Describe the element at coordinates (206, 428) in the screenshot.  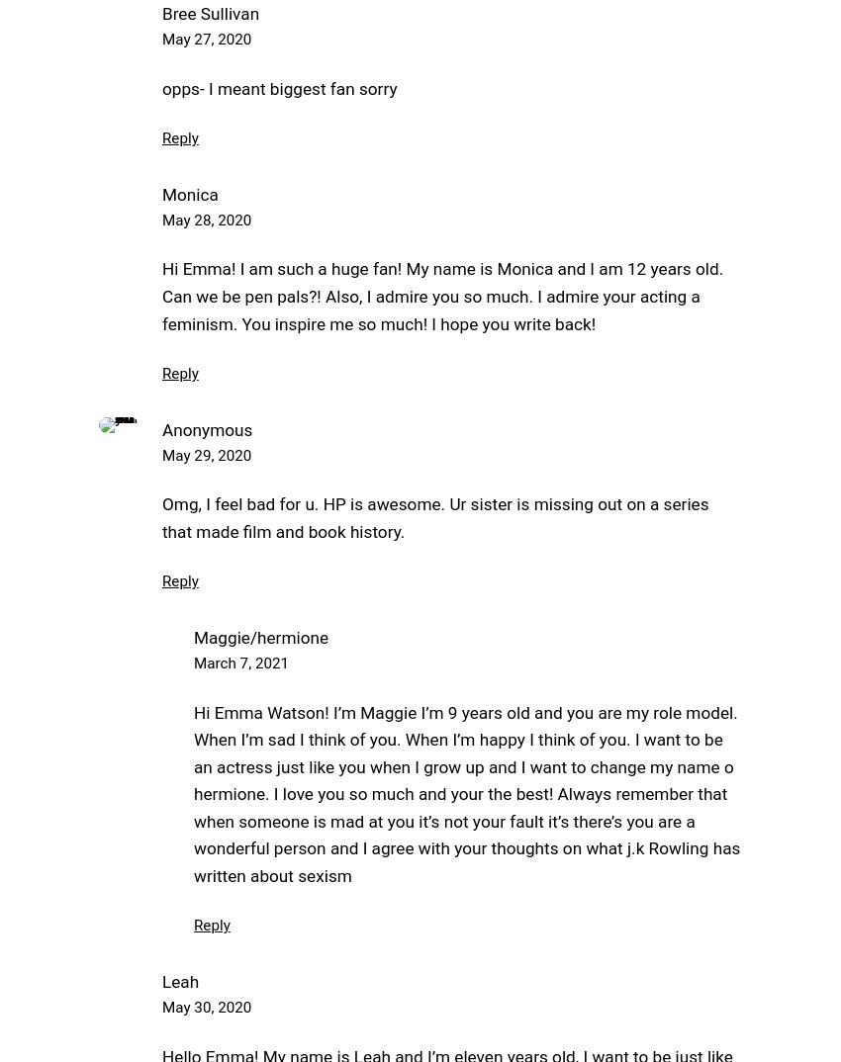
I see `'Anonymous'` at that location.